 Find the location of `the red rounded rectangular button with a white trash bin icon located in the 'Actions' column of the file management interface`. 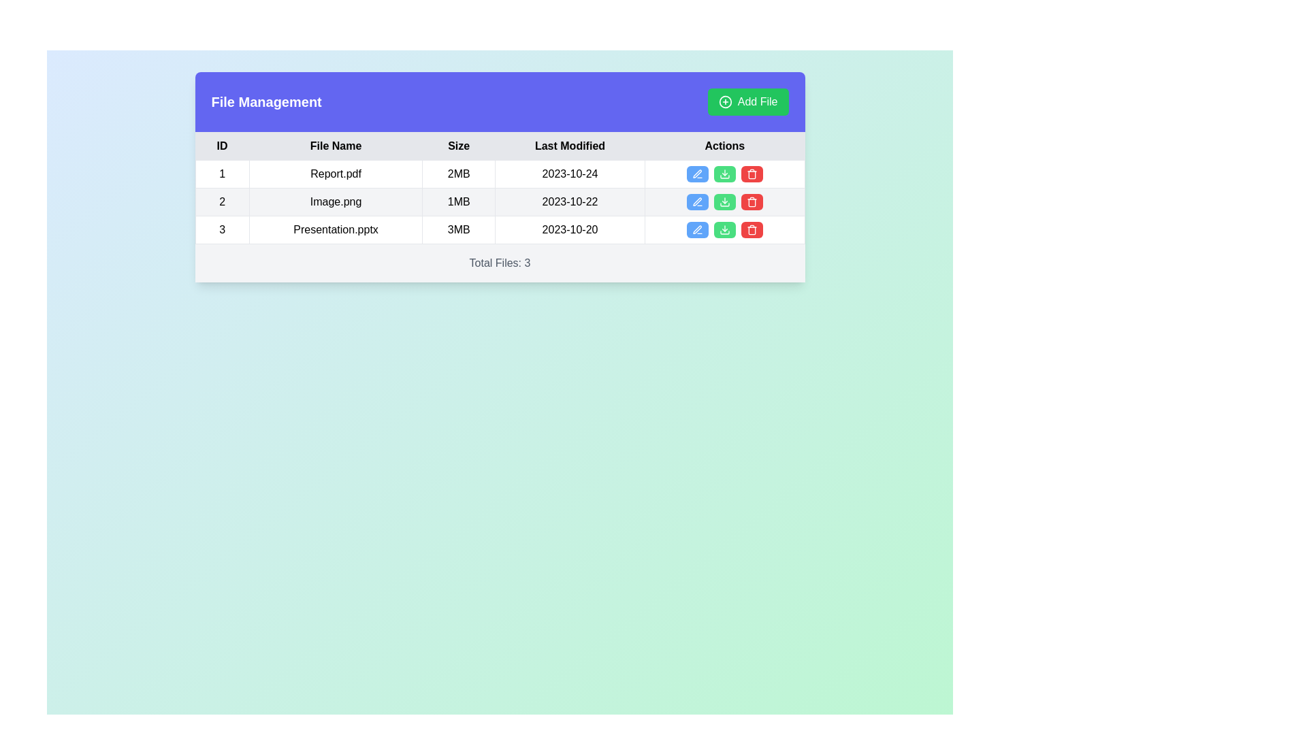

the red rounded rectangular button with a white trash bin icon located in the 'Actions' column of the file management interface is located at coordinates (751, 202).